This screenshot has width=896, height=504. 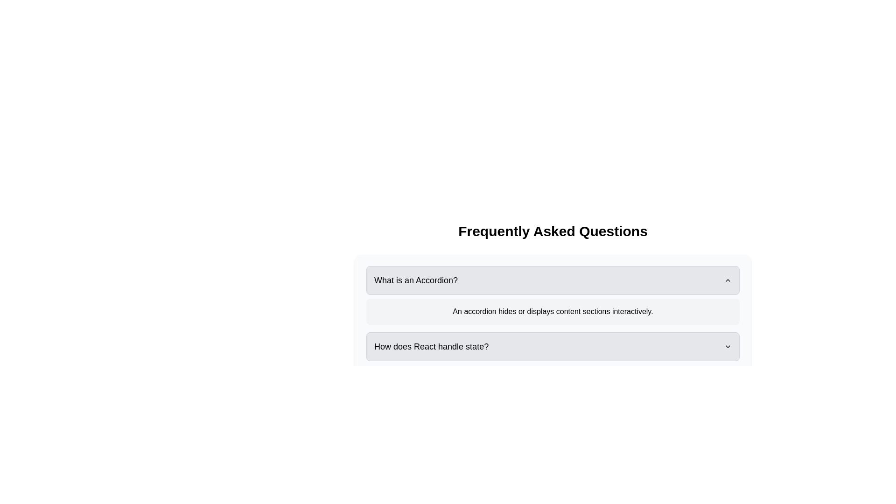 I want to click on informational text block that provides additional information about the concept of an accordion, positioned beneath the header text 'What is an Accordion?', so click(x=553, y=311).